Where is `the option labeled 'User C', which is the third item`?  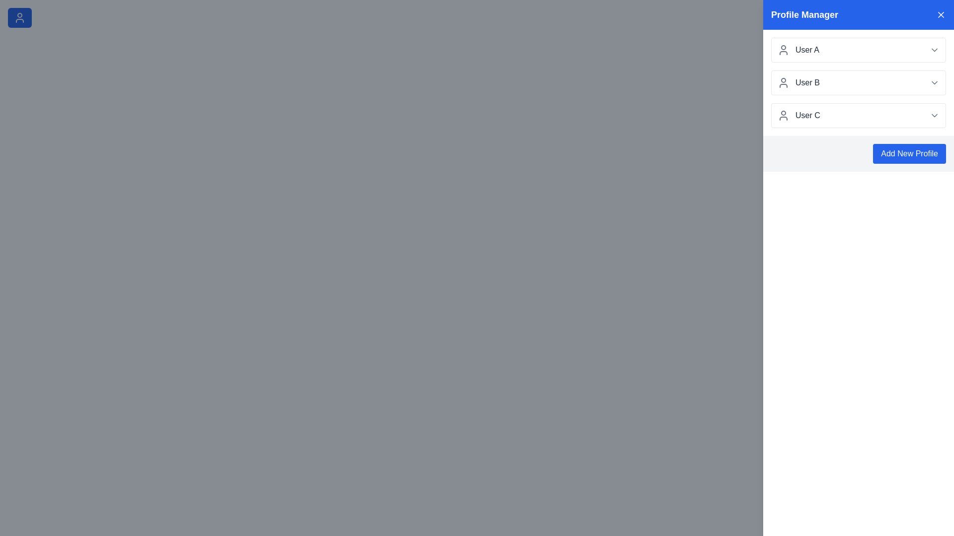
the option labeled 'User C', which is the third item is located at coordinates (858, 115).